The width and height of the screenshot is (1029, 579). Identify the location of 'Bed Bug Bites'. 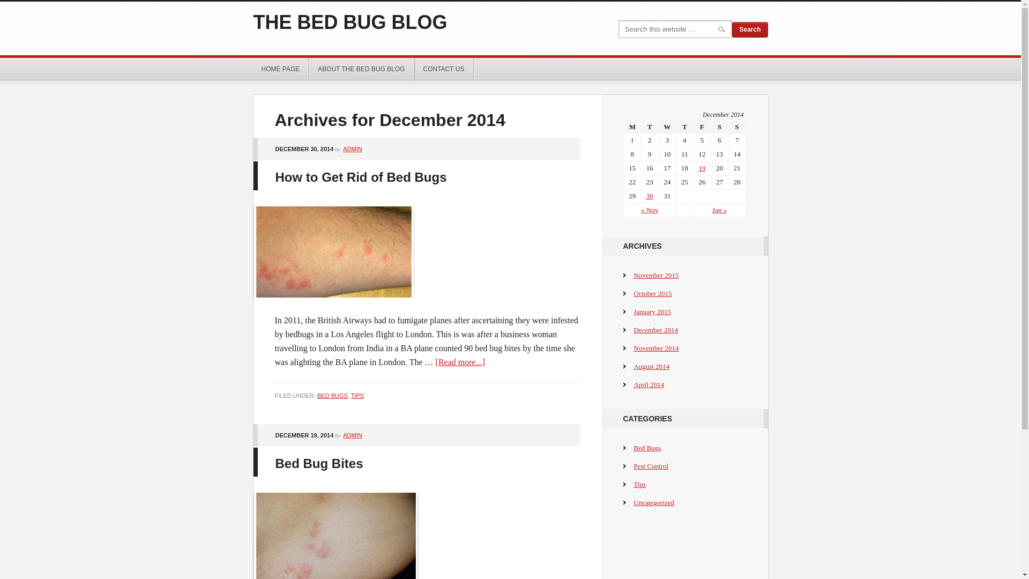
(318, 463).